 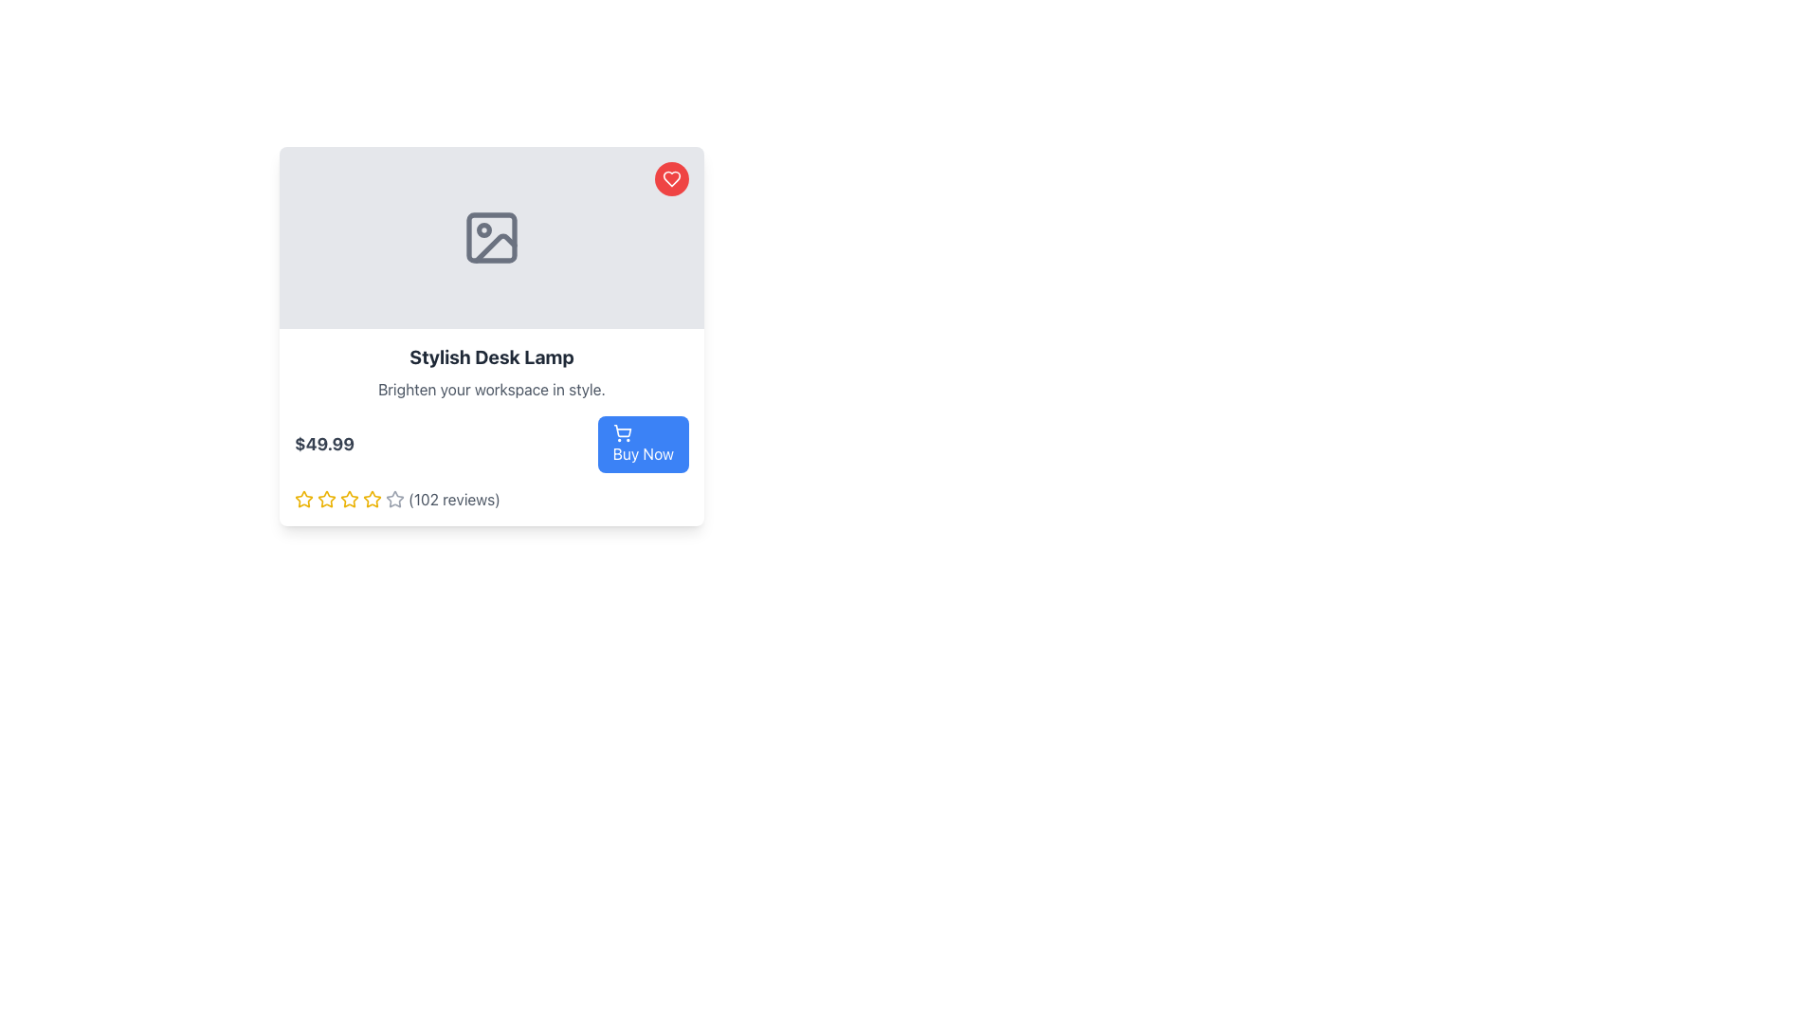 What do you see at coordinates (491, 499) in the screenshot?
I see `the Rating display element featuring five star icons, four yellow filled and one gray unfilled, along with the text '(102 reviews)' positioned below the 'Buy Now' button` at bounding box center [491, 499].